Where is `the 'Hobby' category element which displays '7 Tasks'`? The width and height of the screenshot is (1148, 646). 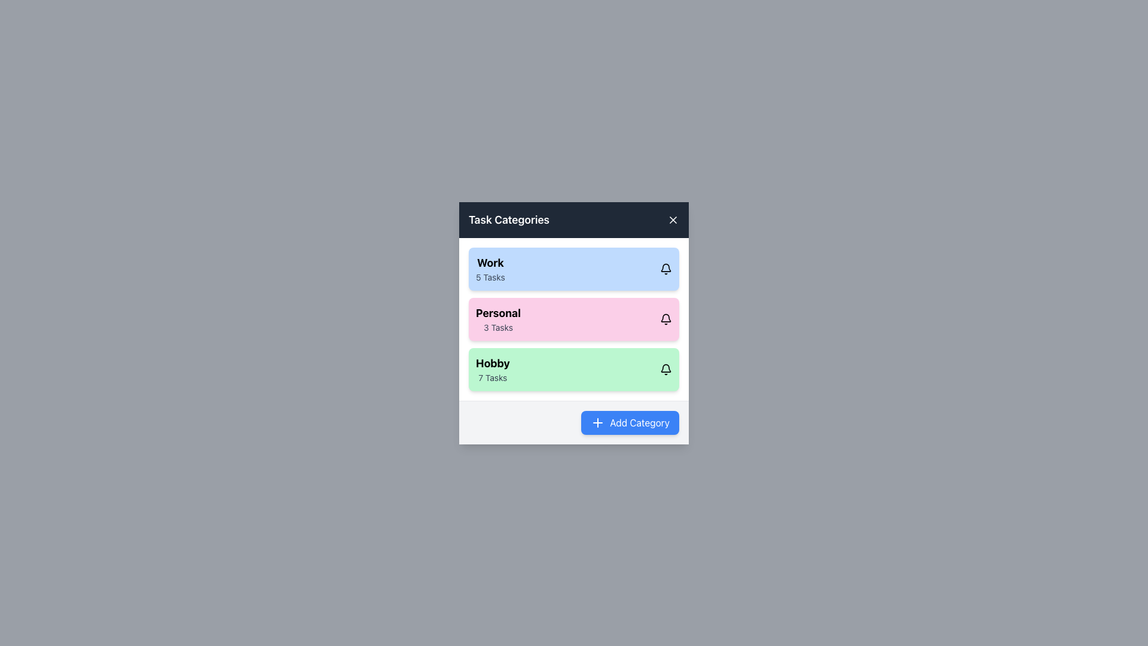
the 'Hobby' category element which displays '7 Tasks' is located at coordinates (574, 368).